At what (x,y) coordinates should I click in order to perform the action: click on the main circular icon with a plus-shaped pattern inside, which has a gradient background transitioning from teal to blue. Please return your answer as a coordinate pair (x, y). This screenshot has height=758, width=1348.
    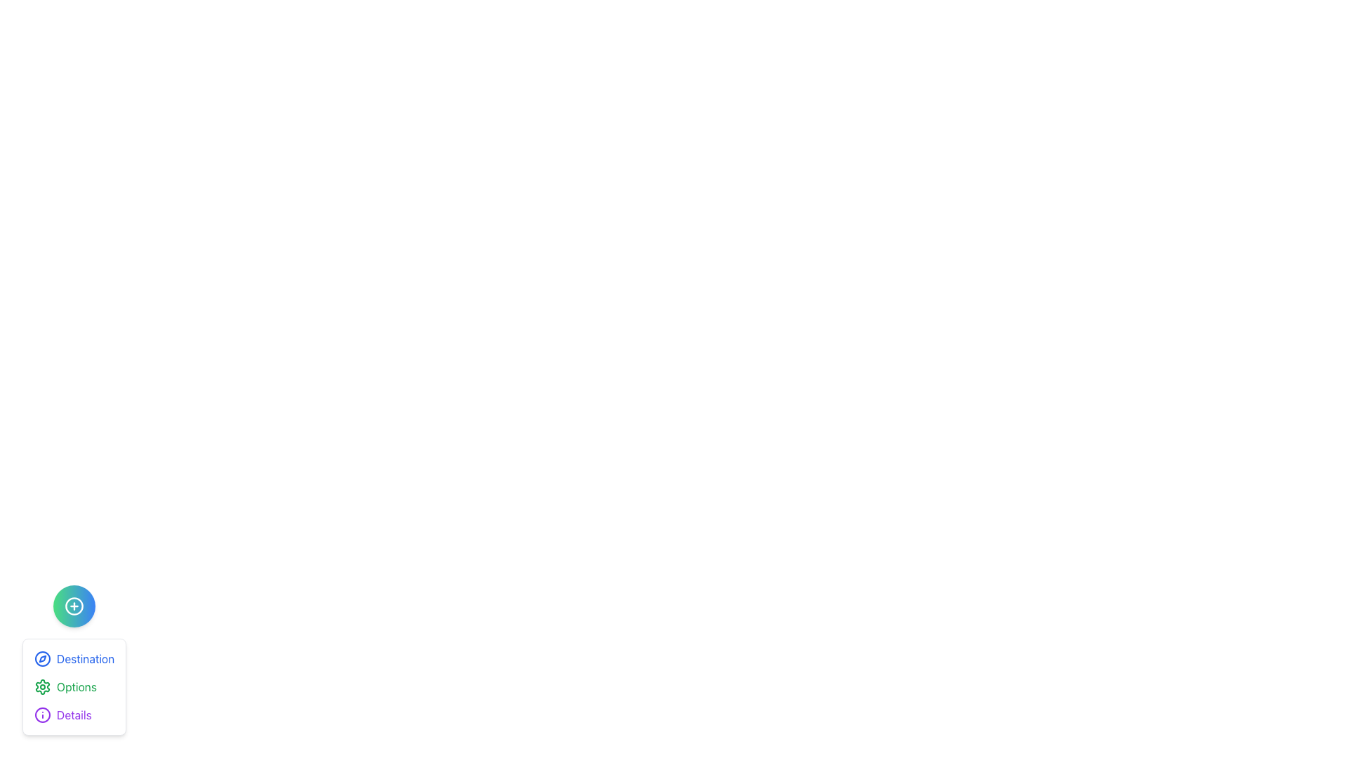
    Looking at the image, I should click on (73, 606).